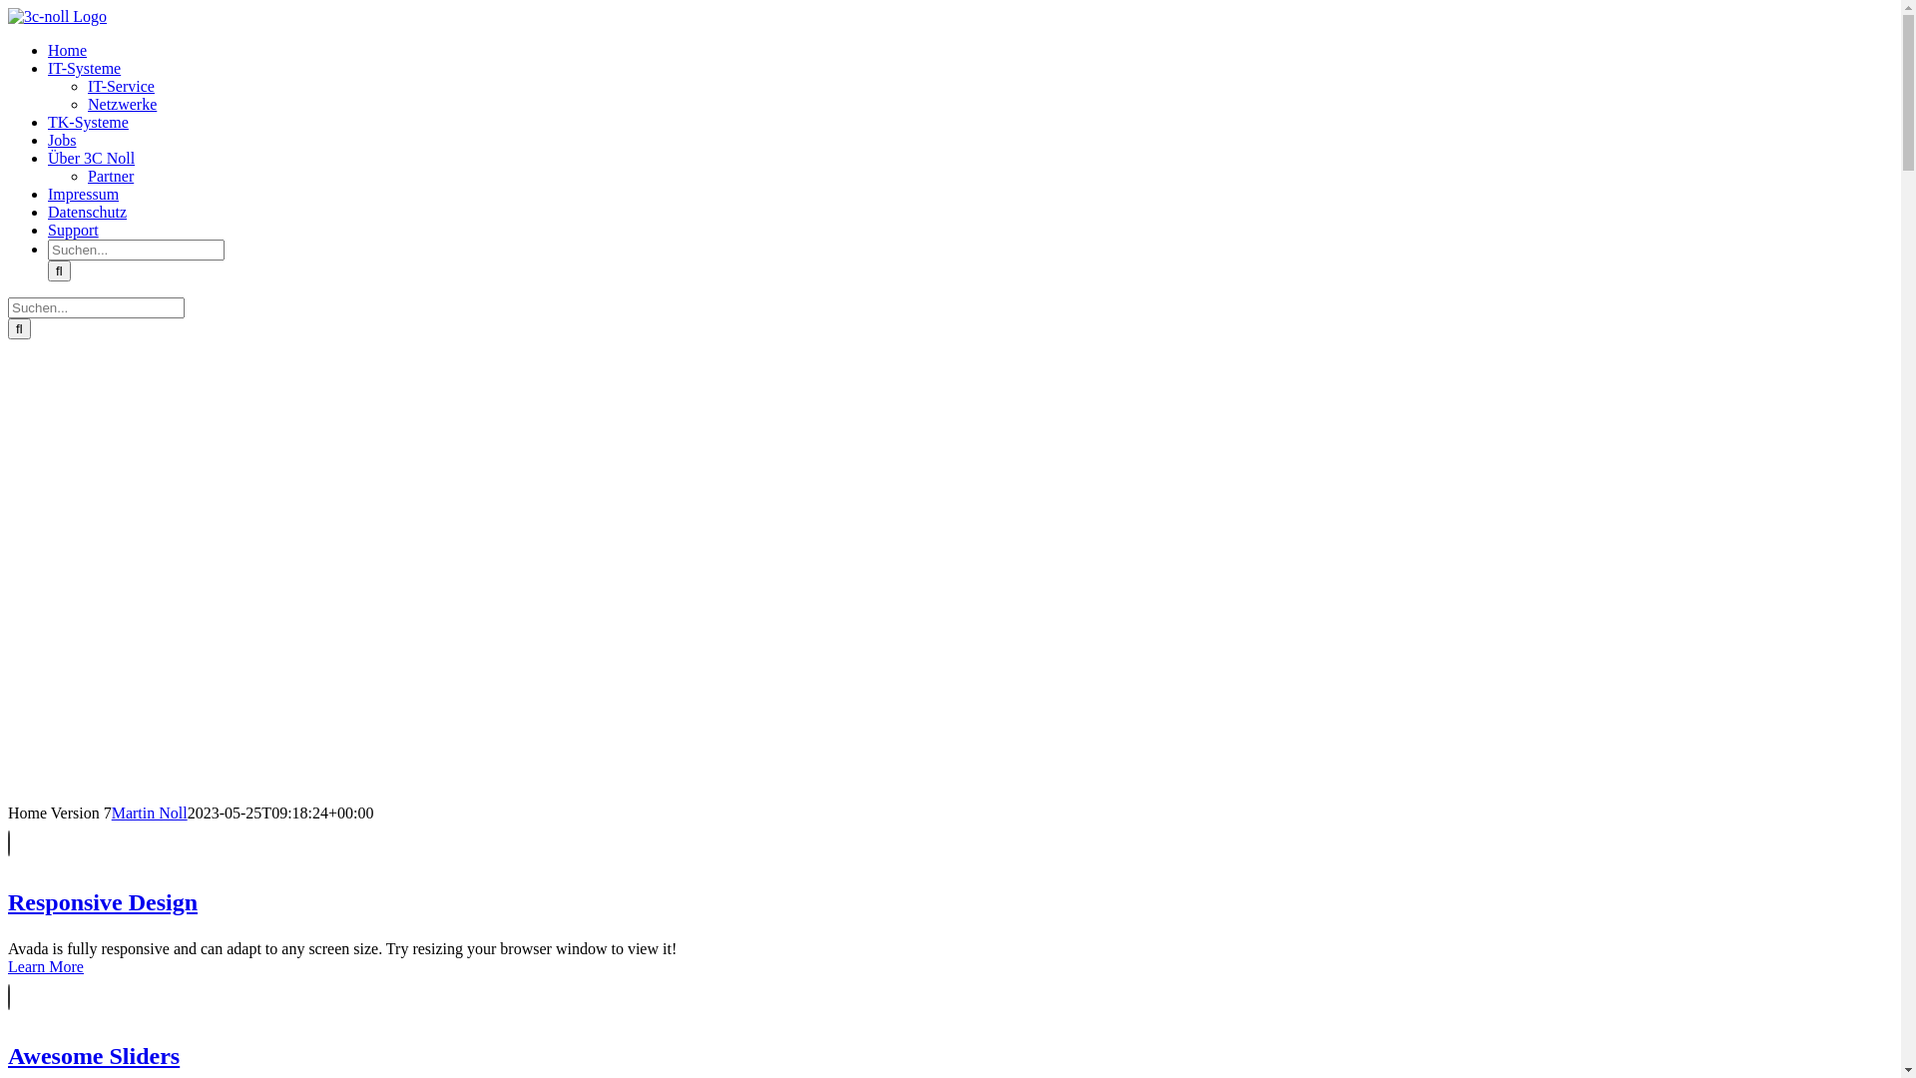 This screenshot has width=1916, height=1078. I want to click on 'Learn More', so click(46, 965).